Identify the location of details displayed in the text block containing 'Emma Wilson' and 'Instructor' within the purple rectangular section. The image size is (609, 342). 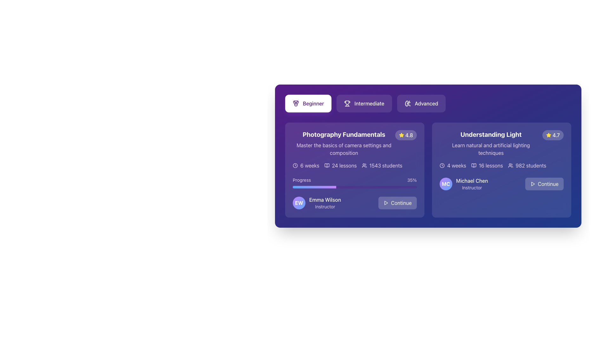
(325, 203).